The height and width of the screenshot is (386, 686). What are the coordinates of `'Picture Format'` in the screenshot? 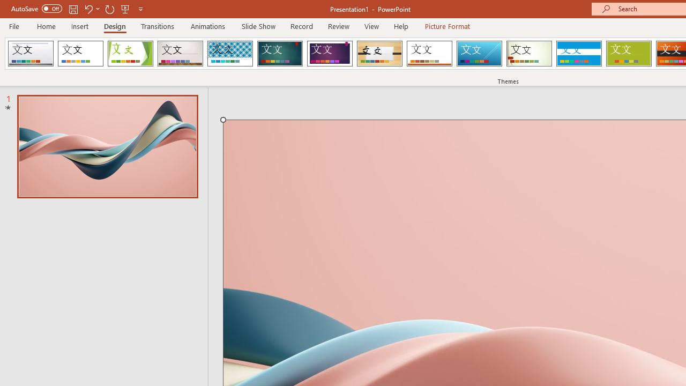 It's located at (448, 26).